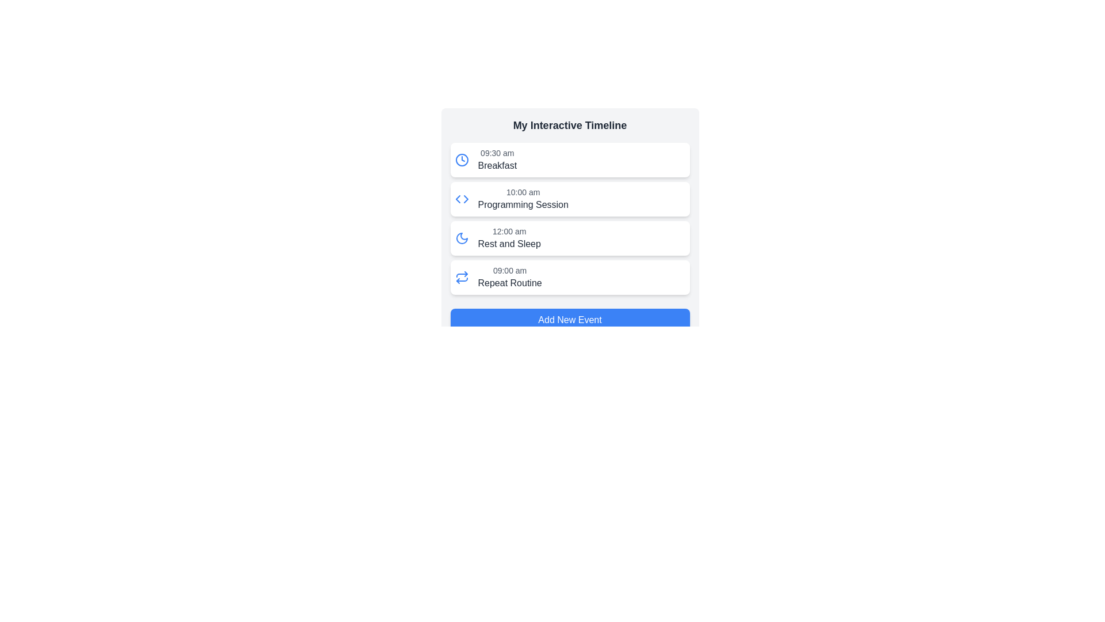 The width and height of the screenshot is (1105, 622). I want to click on the icon indicating or toggling the repeating action for the 'Repeat Routine' event, located to the left of the '09:00 am' text, so click(462, 278).